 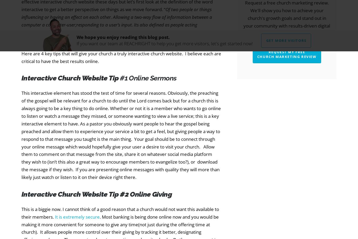 I want to click on 'So knowing this, it is all about reciprocation and communication with a user on your site.', so click(x=21, y=35).